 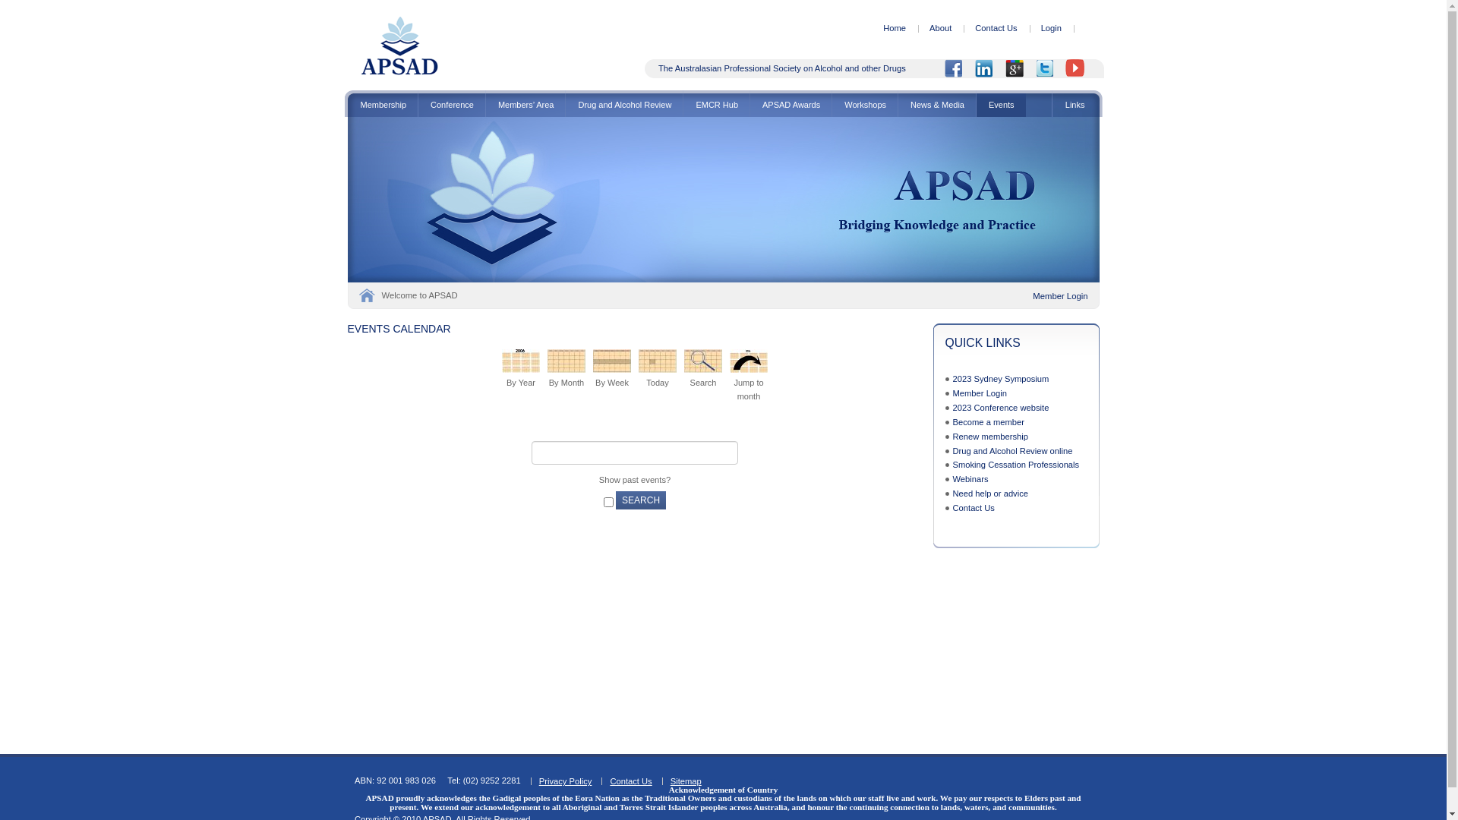 I want to click on 'Google+', so click(x=1005, y=68).